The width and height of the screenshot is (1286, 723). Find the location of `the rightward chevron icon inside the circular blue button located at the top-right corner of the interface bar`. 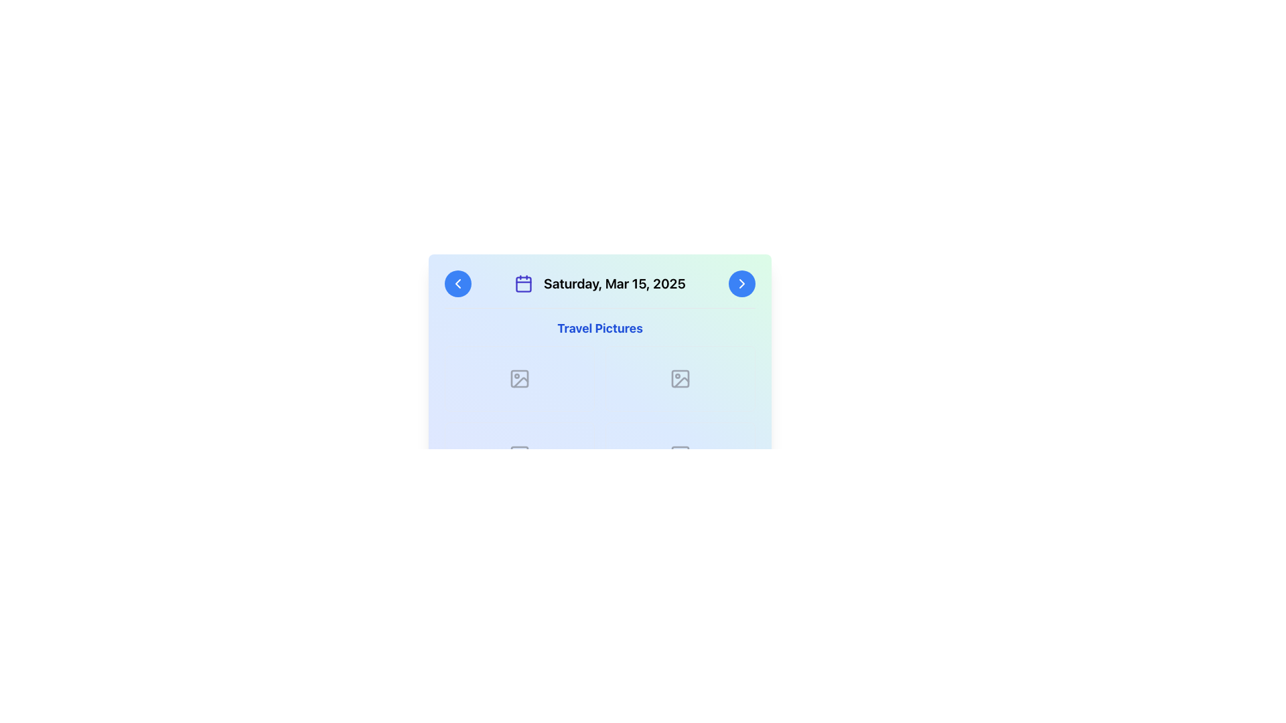

the rightward chevron icon inside the circular blue button located at the top-right corner of the interface bar is located at coordinates (741, 283).